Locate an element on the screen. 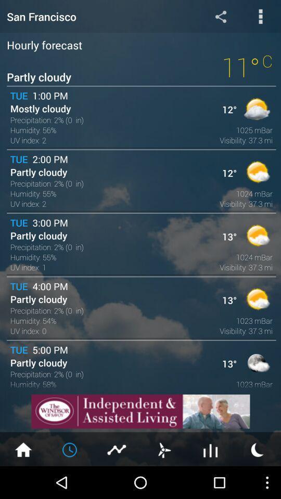 The height and width of the screenshot is (499, 281). the more icon is located at coordinates (260, 17).